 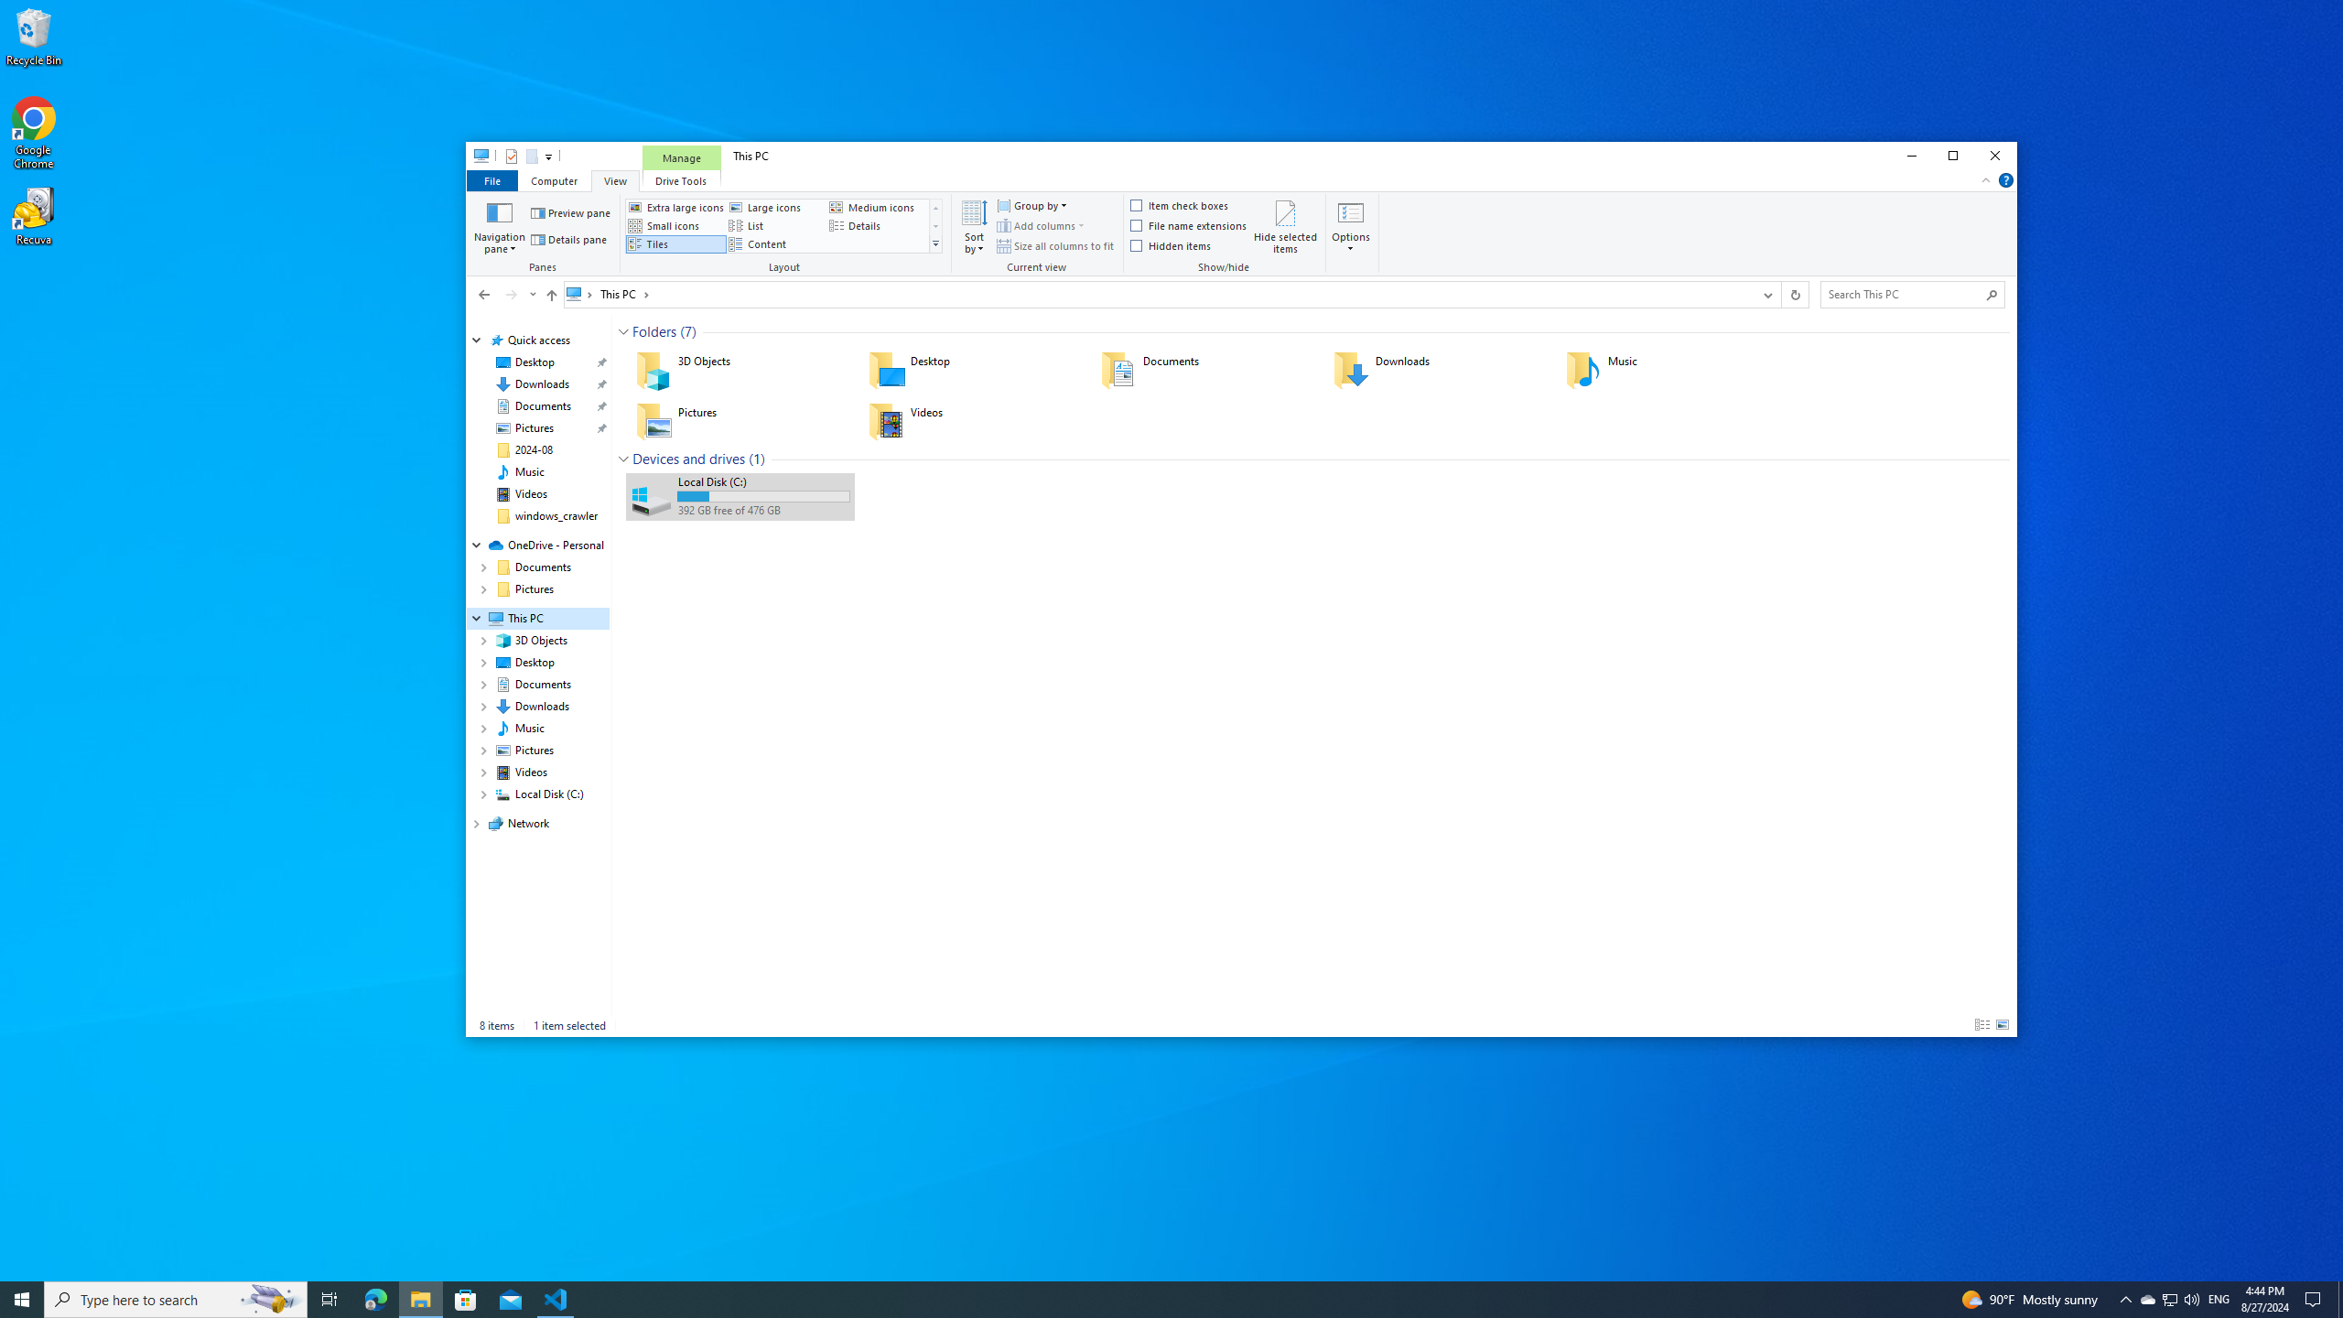 I want to click on 'Item check boxes', so click(x=1180, y=206).